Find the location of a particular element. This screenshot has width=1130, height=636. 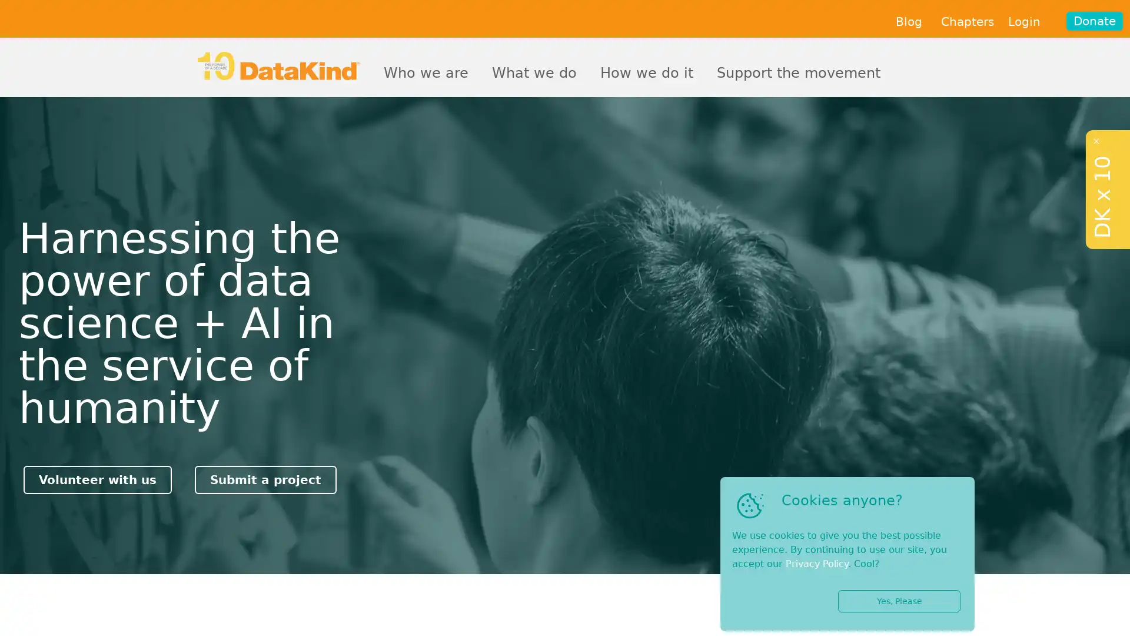

Who we are is located at coordinates (426, 71).